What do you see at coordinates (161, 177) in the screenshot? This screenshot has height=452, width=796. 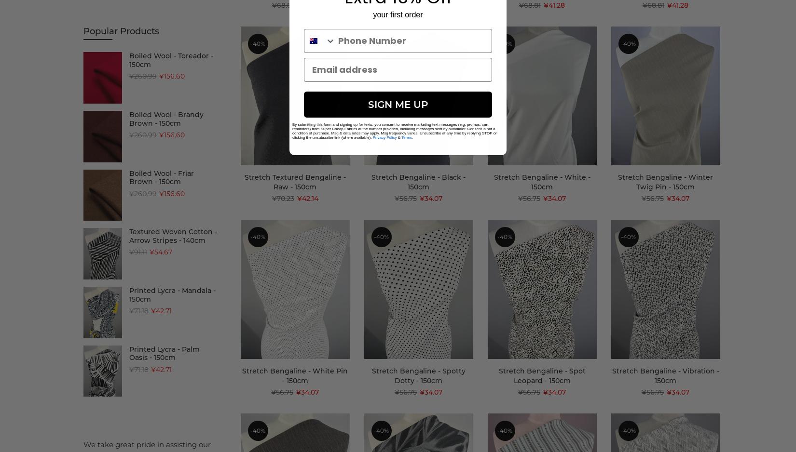 I see `'Boiled Wool - Friar Brown - 150cm'` at bounding box center [161, 177].